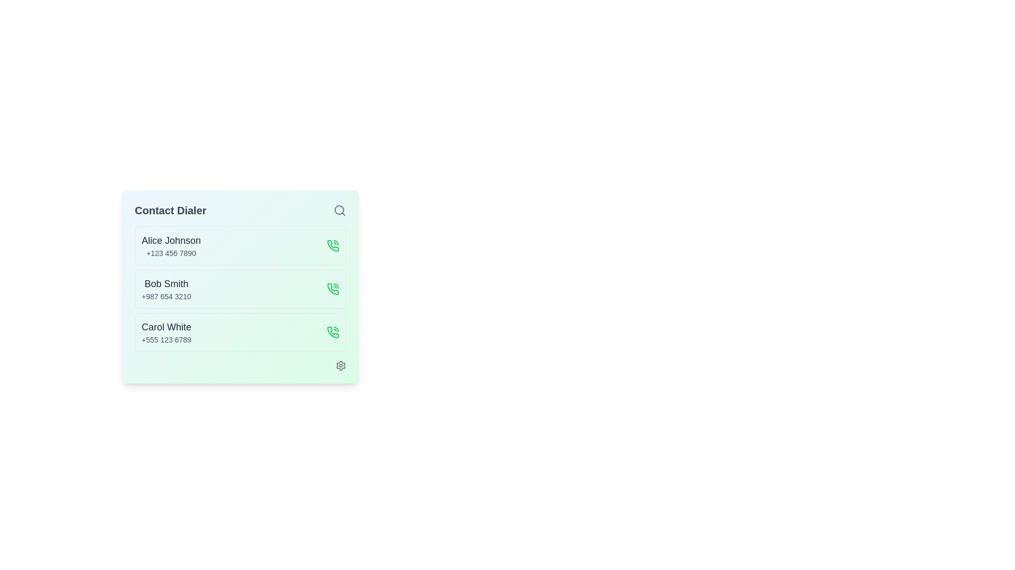  I want to click on the green phone receiver icon with radiating signals, located at the far right of the third contact entry labeled 'Carol White +555 123 6789', to initiate a call, so click(332, 331).